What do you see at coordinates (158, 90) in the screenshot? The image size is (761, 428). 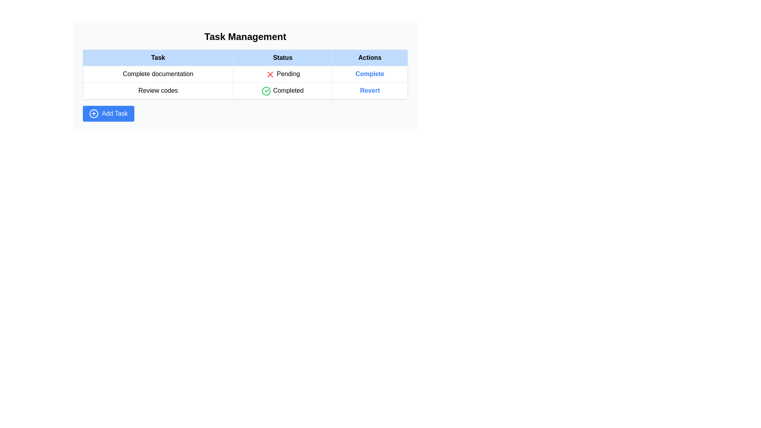 I see `the text label displaying 'Review codes' which is located in the second row and first column of the tabular layout, below 'Complete documentation'` at bounding box center [158, 90].